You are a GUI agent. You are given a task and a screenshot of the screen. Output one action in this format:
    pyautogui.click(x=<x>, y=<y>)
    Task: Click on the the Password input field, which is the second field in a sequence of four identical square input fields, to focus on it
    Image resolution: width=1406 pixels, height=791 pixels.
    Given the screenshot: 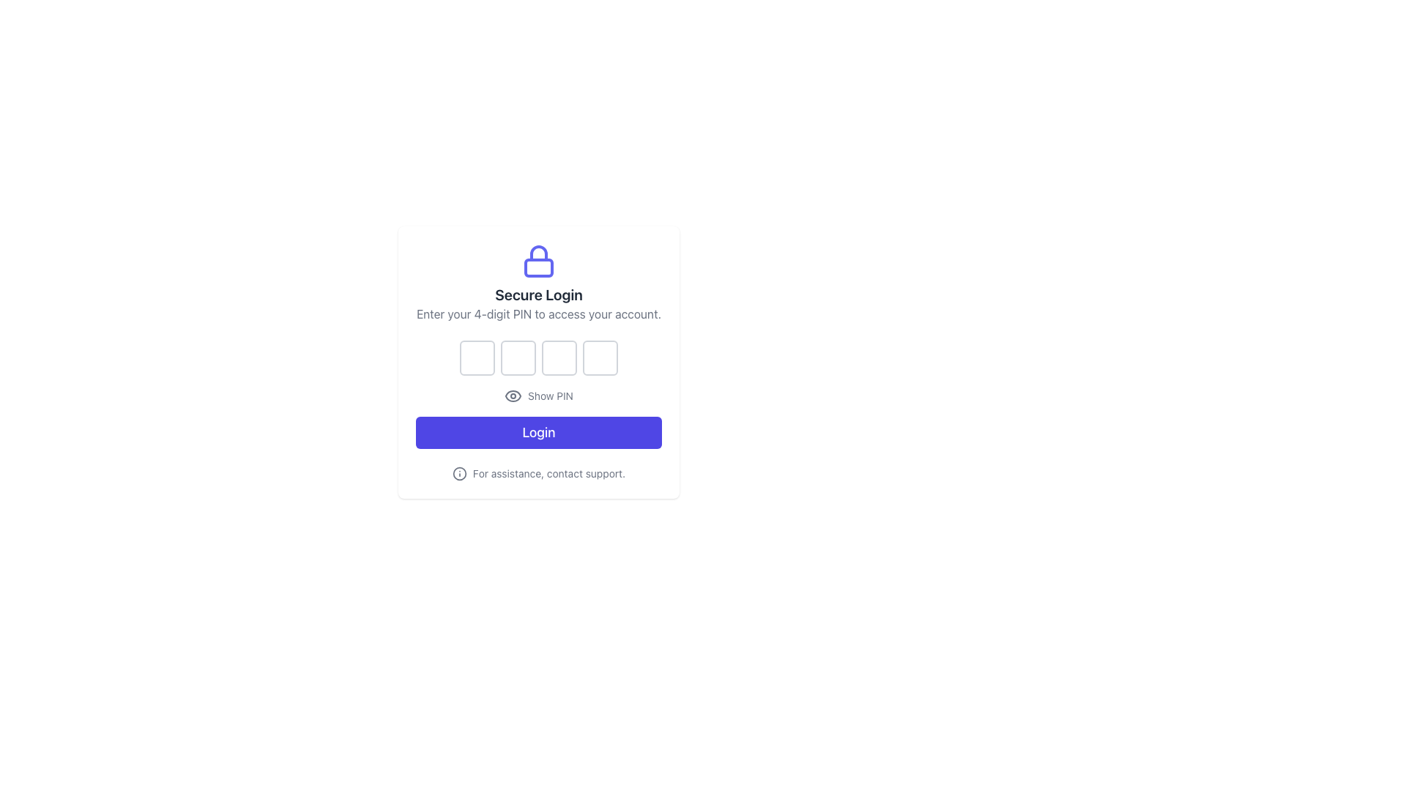 What is the action you would take?
    pyautogui.click(x=518, y=358)
    